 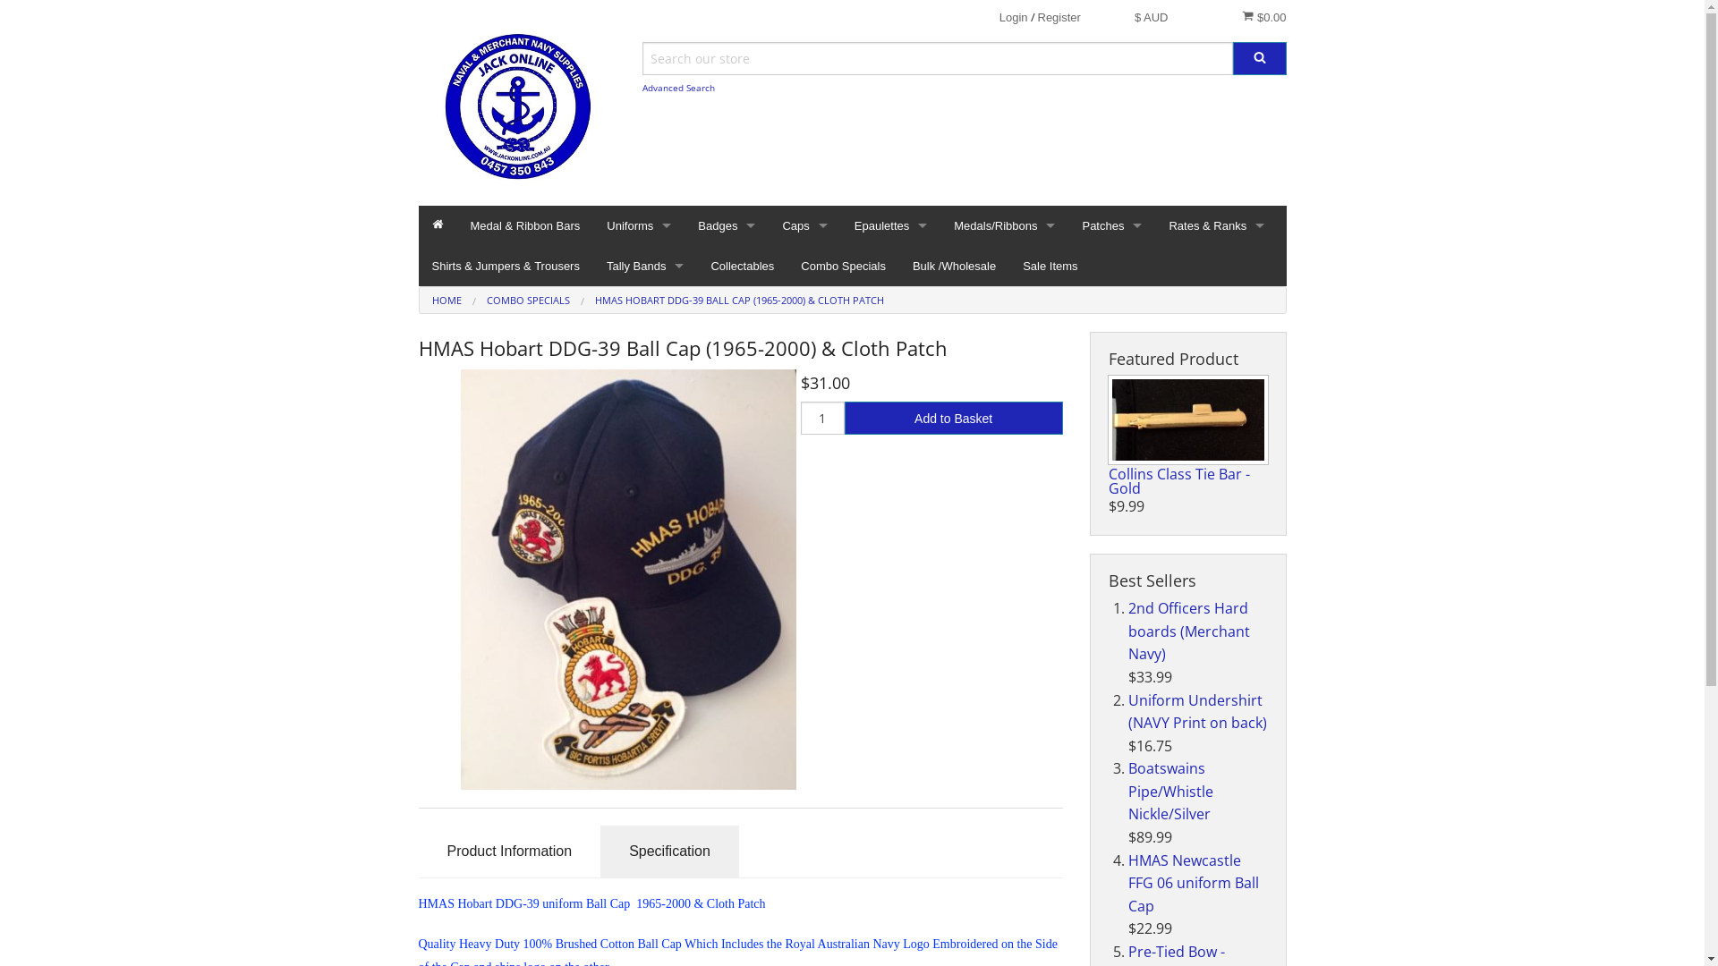 What do you see at coordinates (726, 287) in the screenshot?
I see `'Cap Badges'` at bounding box center [726, 287].